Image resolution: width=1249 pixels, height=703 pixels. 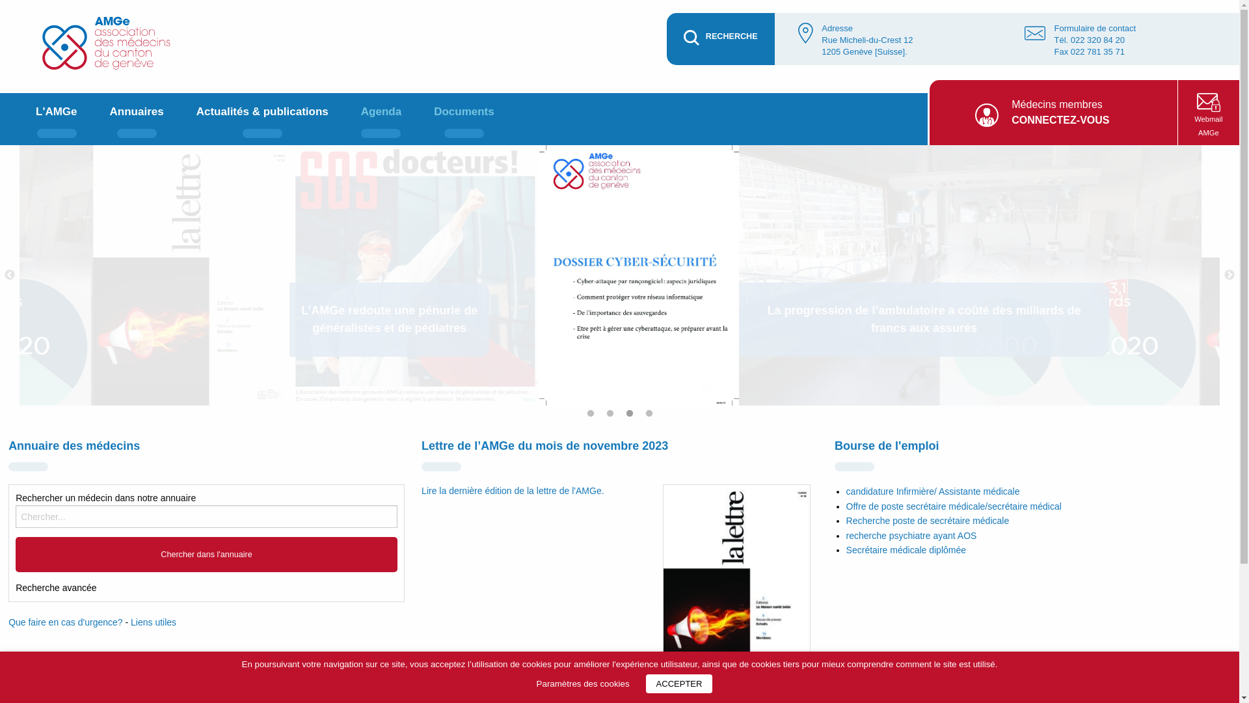 I want to click on 'Bourse de l'emploi', so click(x=886, y=445).